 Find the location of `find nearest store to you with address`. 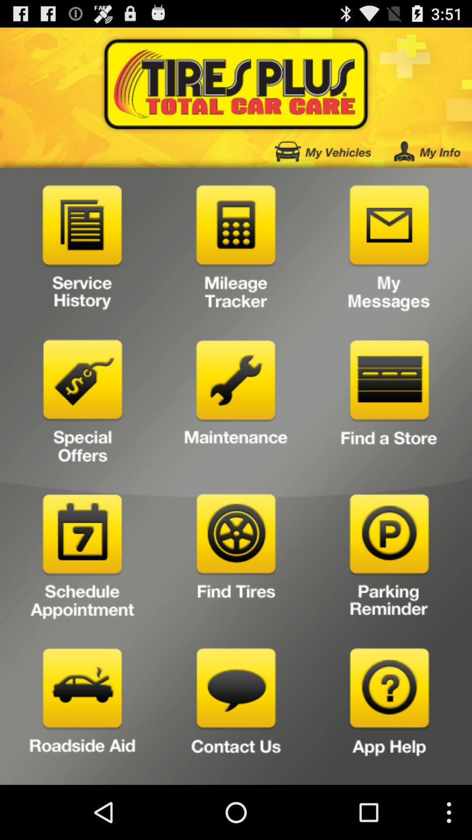

find nearest store to you with address is located at coordinates (389, 404).